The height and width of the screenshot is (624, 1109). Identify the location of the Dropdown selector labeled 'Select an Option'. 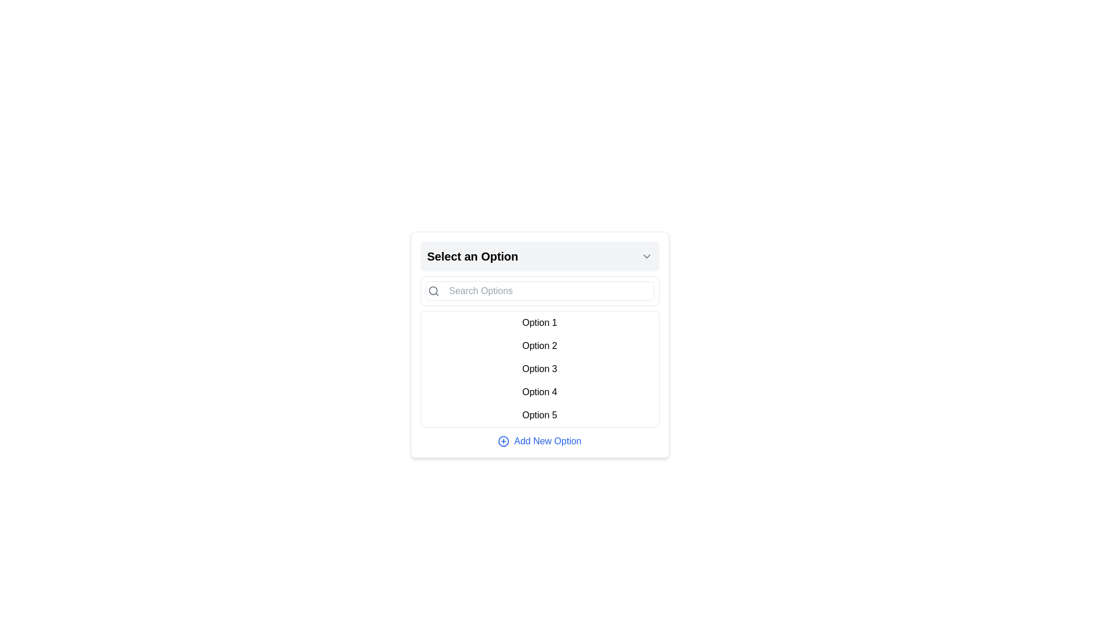
(539, 255).